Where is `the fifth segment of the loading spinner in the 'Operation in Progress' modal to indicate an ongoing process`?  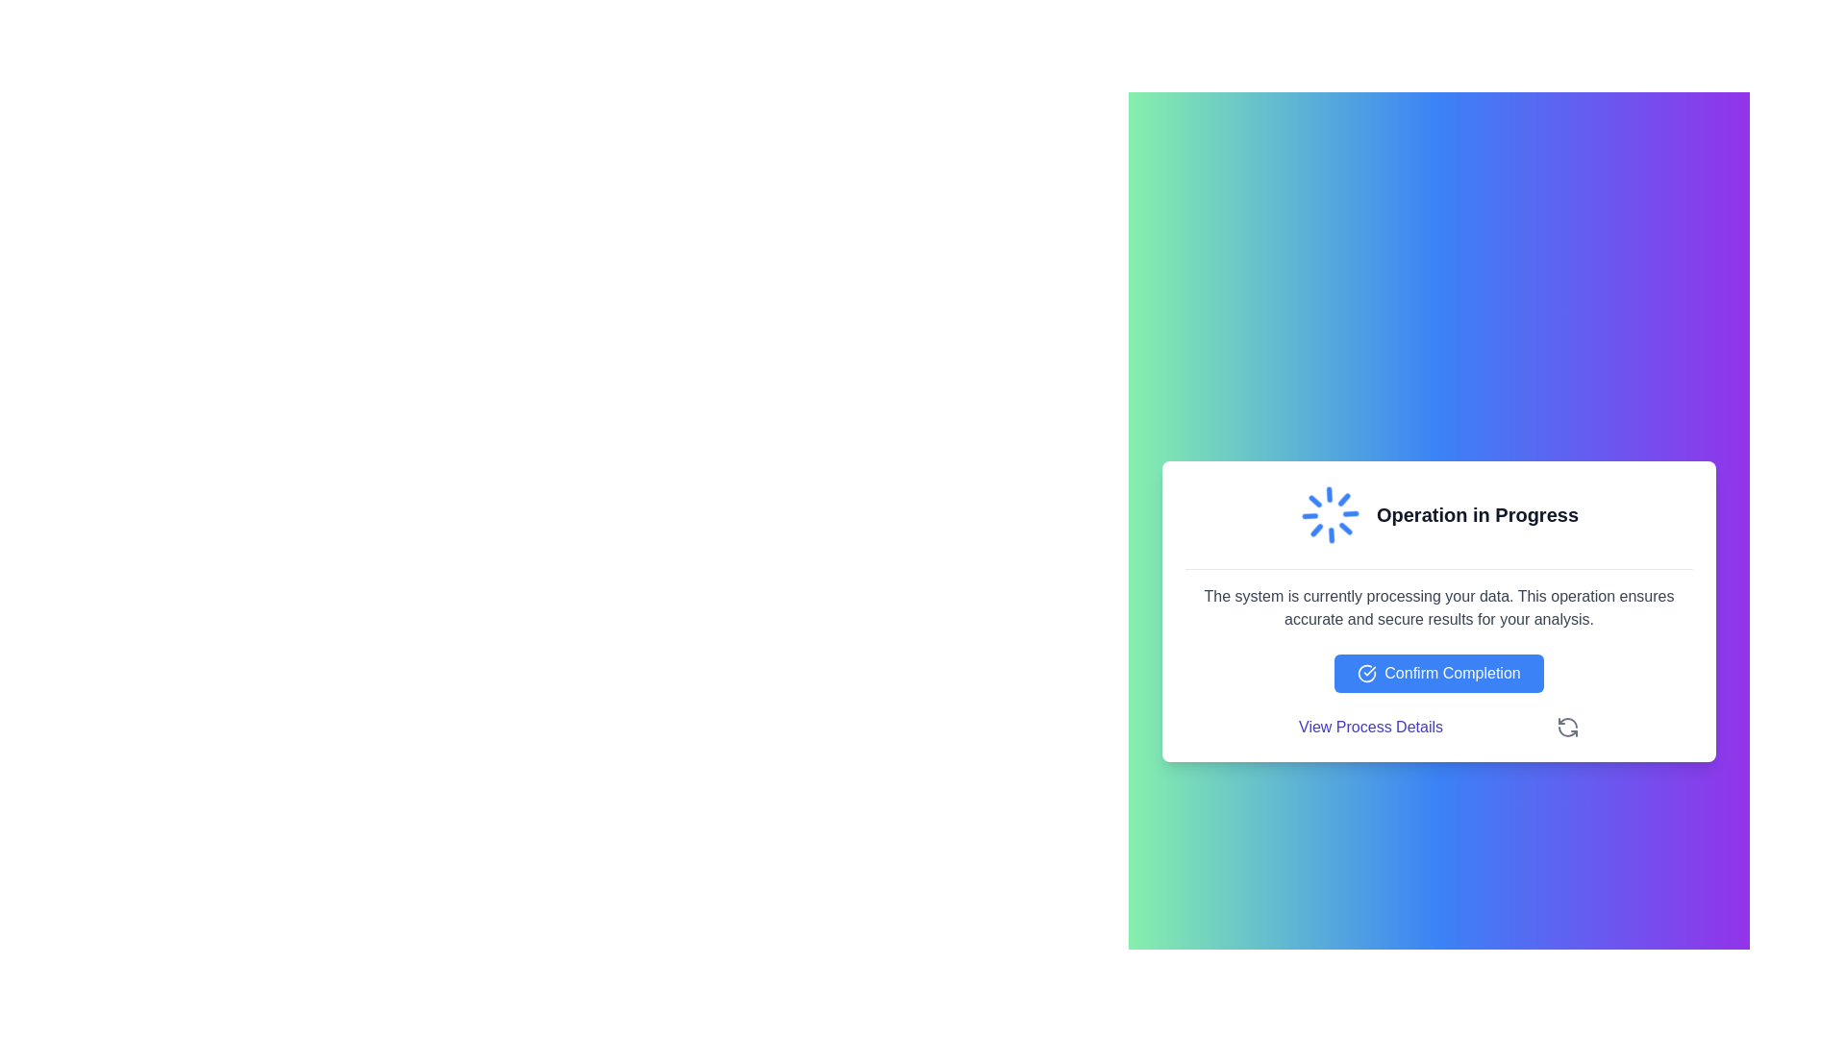
the fifth segment of the loading spinner in the 'Operation in Progress' modal to indicate an ongoing process is located at coordinates (1325, 493).